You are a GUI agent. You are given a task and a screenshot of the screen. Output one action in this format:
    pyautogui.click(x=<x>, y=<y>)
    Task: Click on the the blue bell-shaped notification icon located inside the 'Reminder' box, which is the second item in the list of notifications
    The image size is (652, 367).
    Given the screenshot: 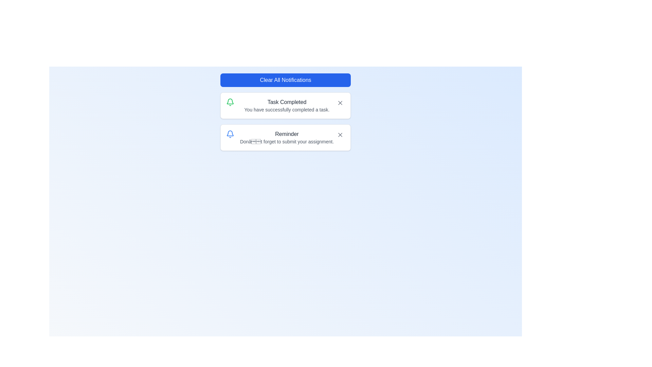 What is the action you would take?
    pyautogui.click(x=230, y=134)
    